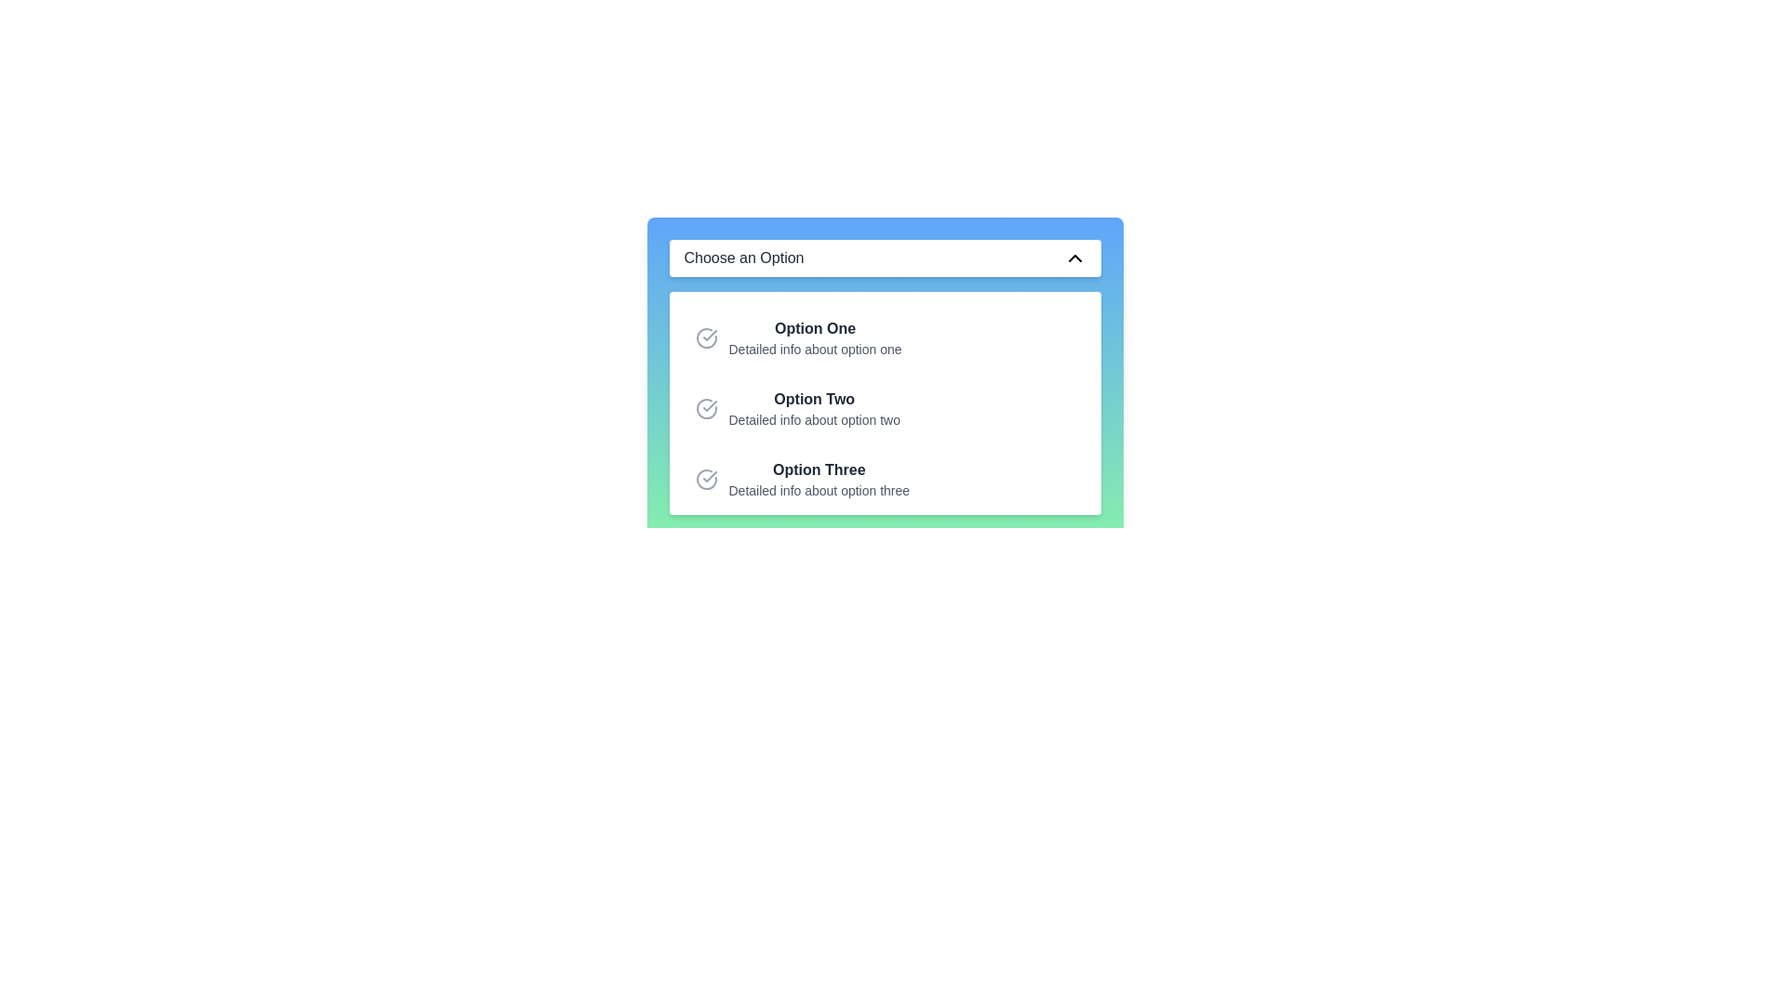 The height and width of the screenshot is (1004, 1786). What do you see at coordinates (705, 407) in the screenshot?
I see `the circular checkmark icon located at the leftmost position within the second option block labeled 'Option Two'` at bounding box center [705, 407].